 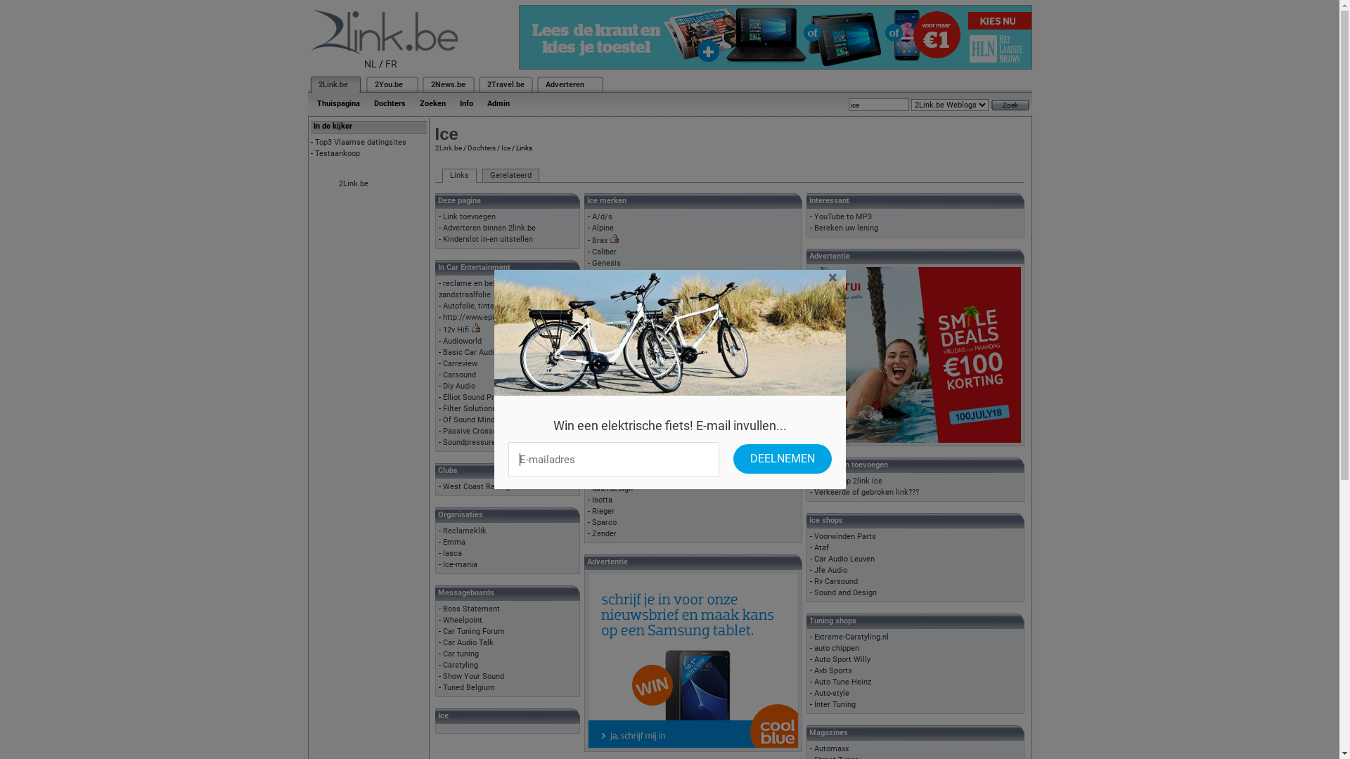 What do you see at coordinates (843, 216) in the screenshot?
I see `'YouTube to MP3'` at bounding box center [843, 216].